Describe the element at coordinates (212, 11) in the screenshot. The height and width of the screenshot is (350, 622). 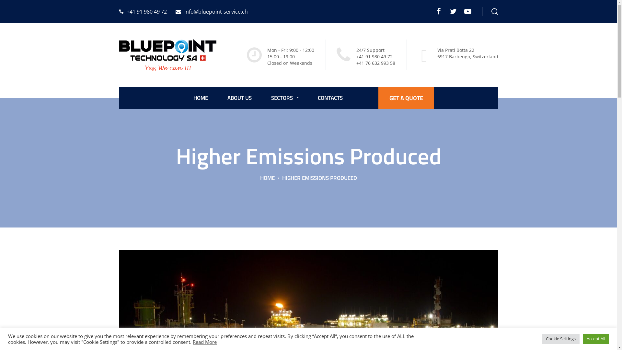
I see `'info@bluepoint-service.ch'` at that location.